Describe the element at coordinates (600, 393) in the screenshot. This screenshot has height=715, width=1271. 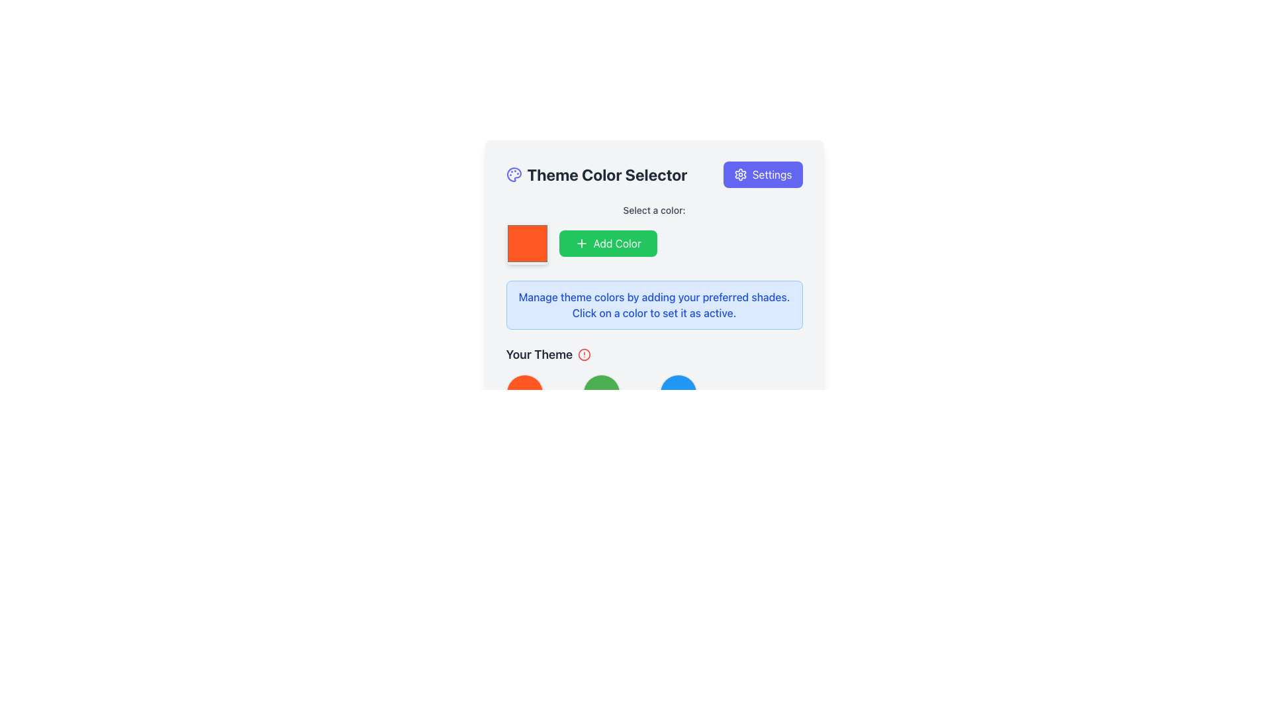
I see `the circular icon button representing the green theme selector located in the 'Your Theme' section` at that location.